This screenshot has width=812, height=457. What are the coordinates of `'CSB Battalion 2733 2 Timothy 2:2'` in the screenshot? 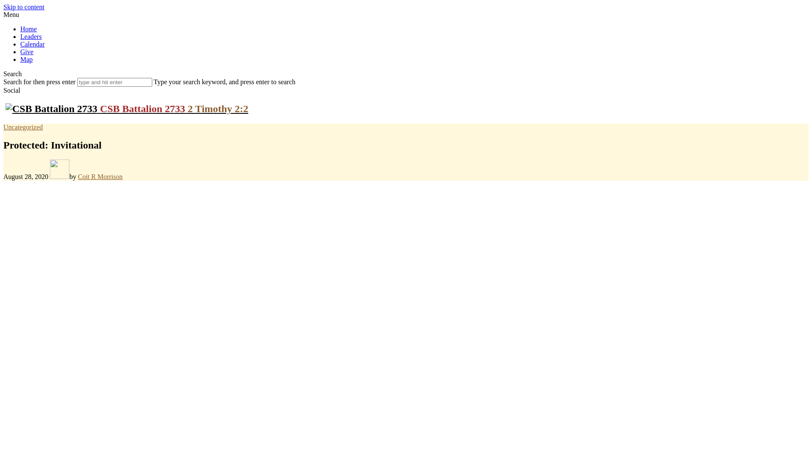 It's located at (126, 108).